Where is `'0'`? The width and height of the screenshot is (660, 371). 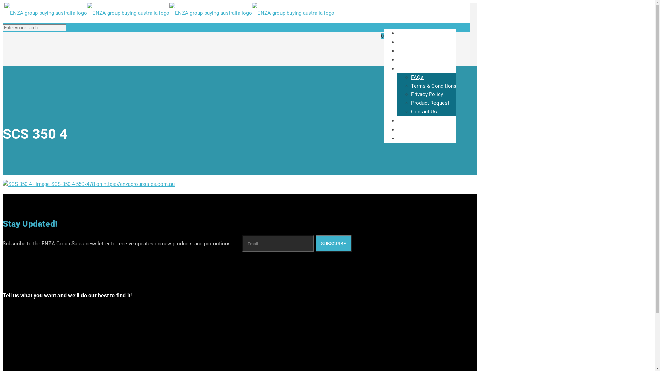 '0' is located at coordinates (382, 36).